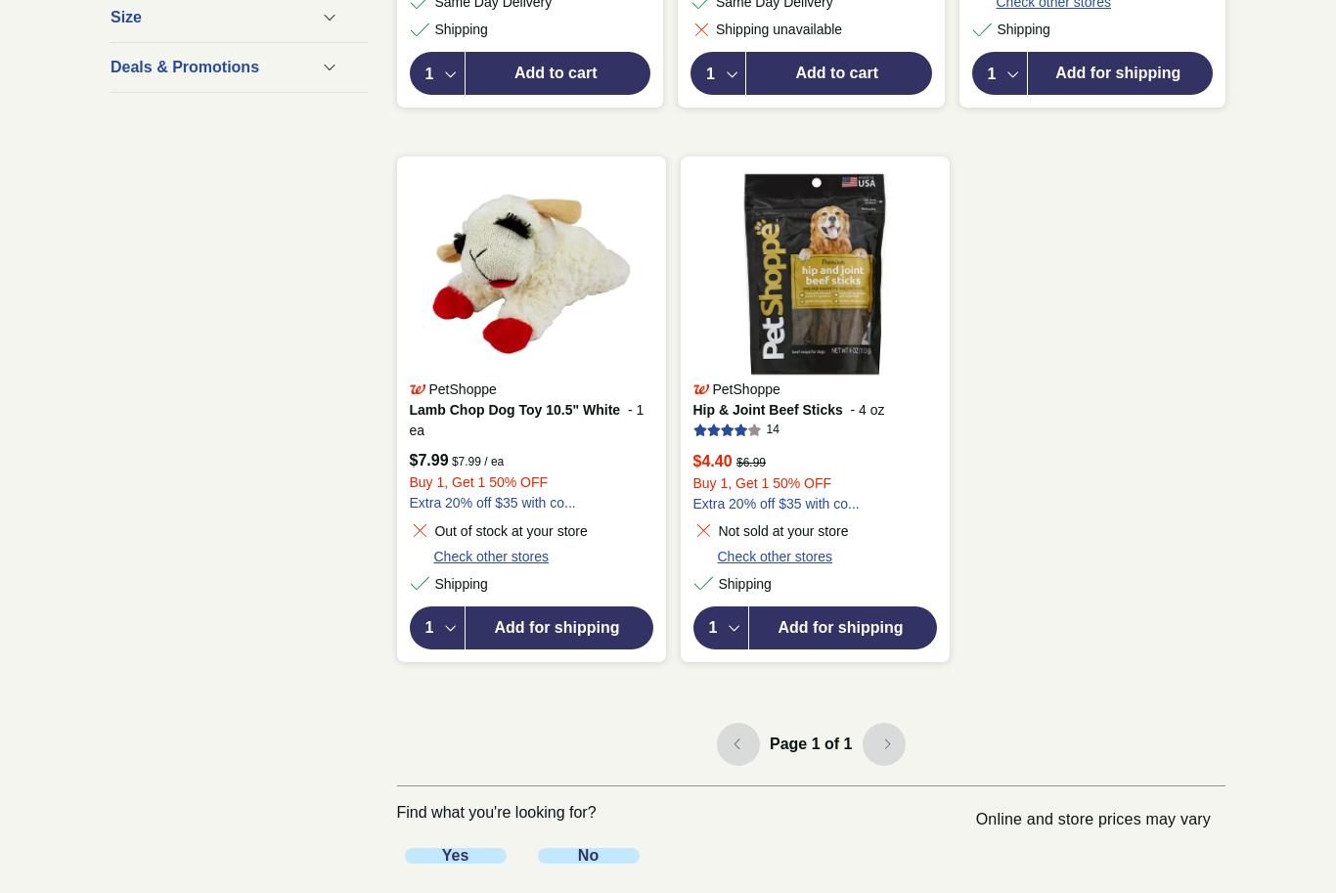  Describe the element at coordinates (779, 528) in the screenshot. I see `'Not sold at your store'` at that location.